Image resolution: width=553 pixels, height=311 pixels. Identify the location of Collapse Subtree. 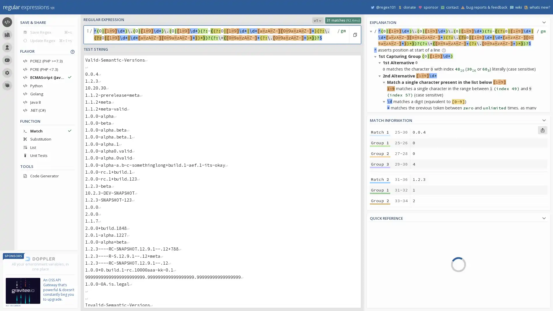
(372, 31).